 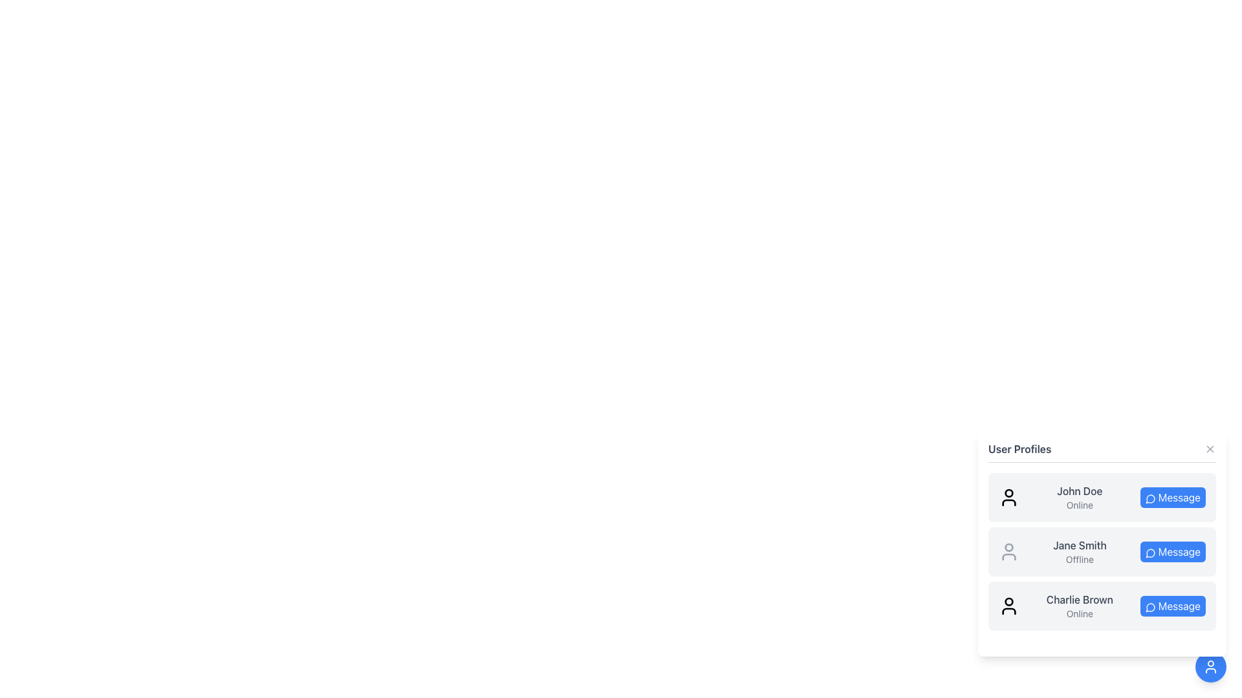 I want to click on the Text Display element containing 'John Doe' and 'Online' located in the user profiles section of the UI, so click(x=1080, y=497).